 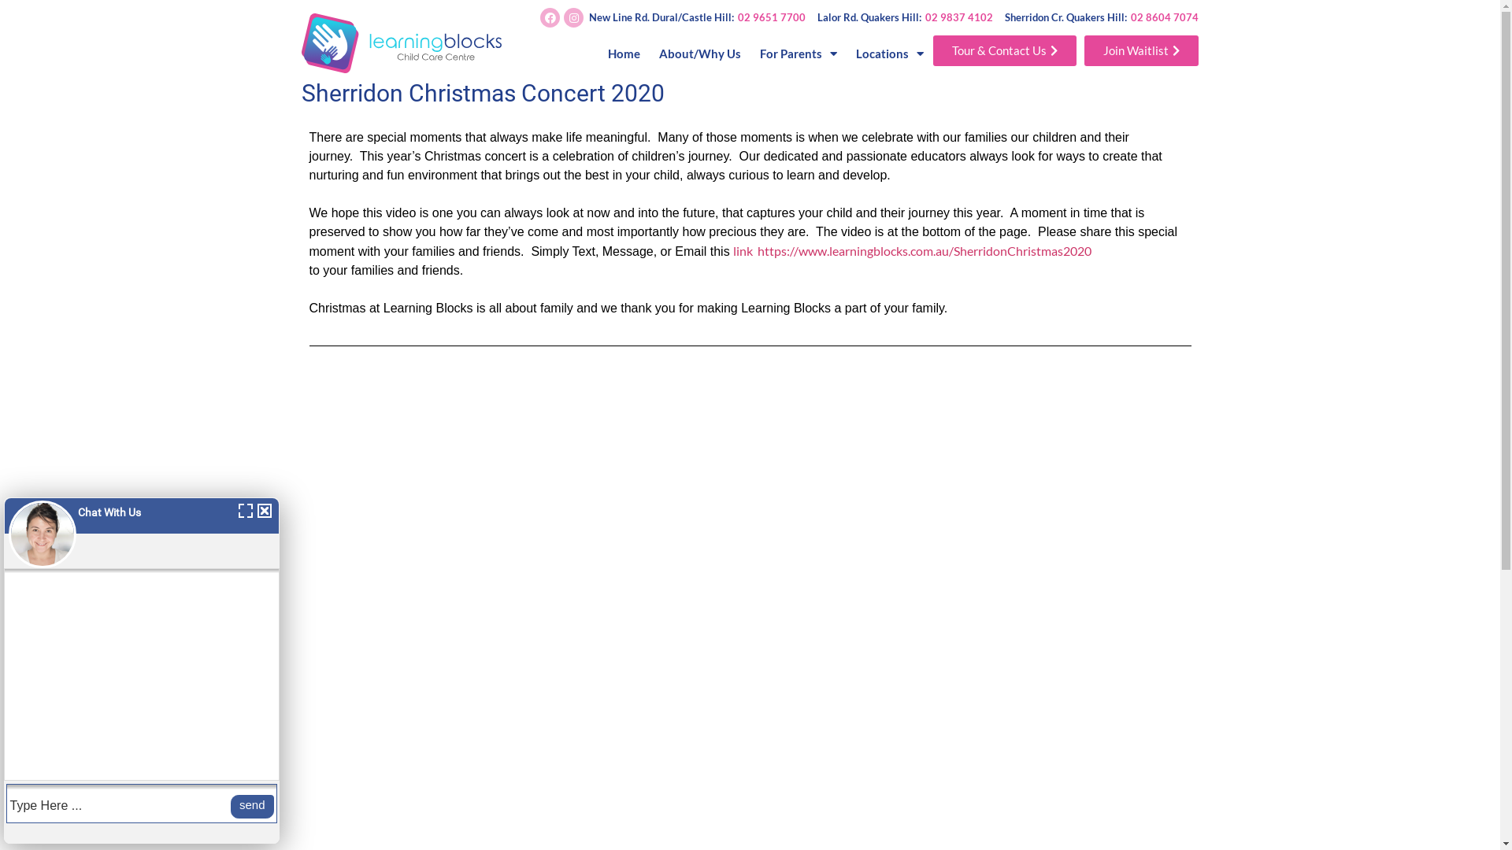 I want to click on 'For Parents', so click(x=750, y=53).